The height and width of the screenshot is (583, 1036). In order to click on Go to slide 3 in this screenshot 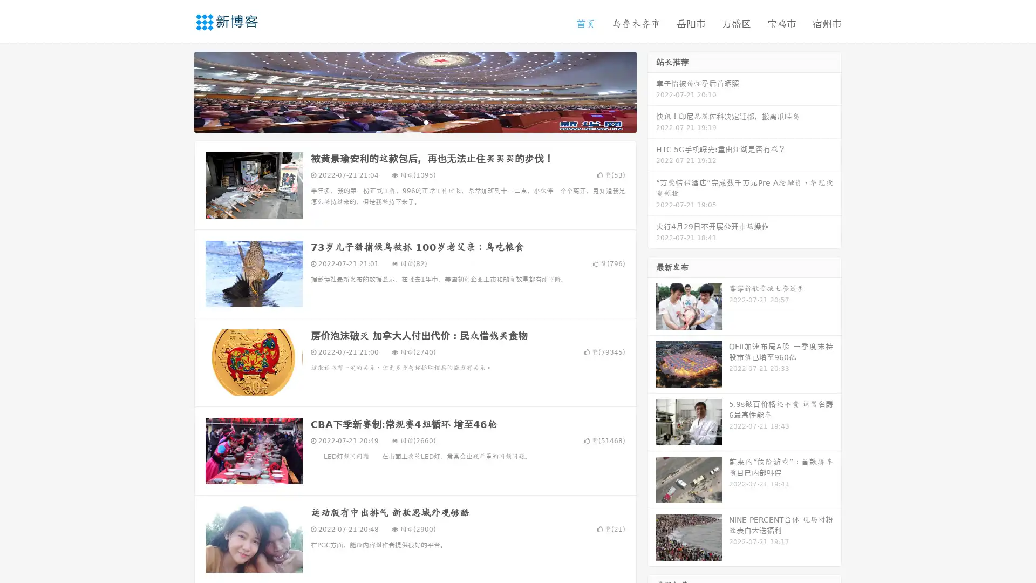, I will do `click(426, 121)`.